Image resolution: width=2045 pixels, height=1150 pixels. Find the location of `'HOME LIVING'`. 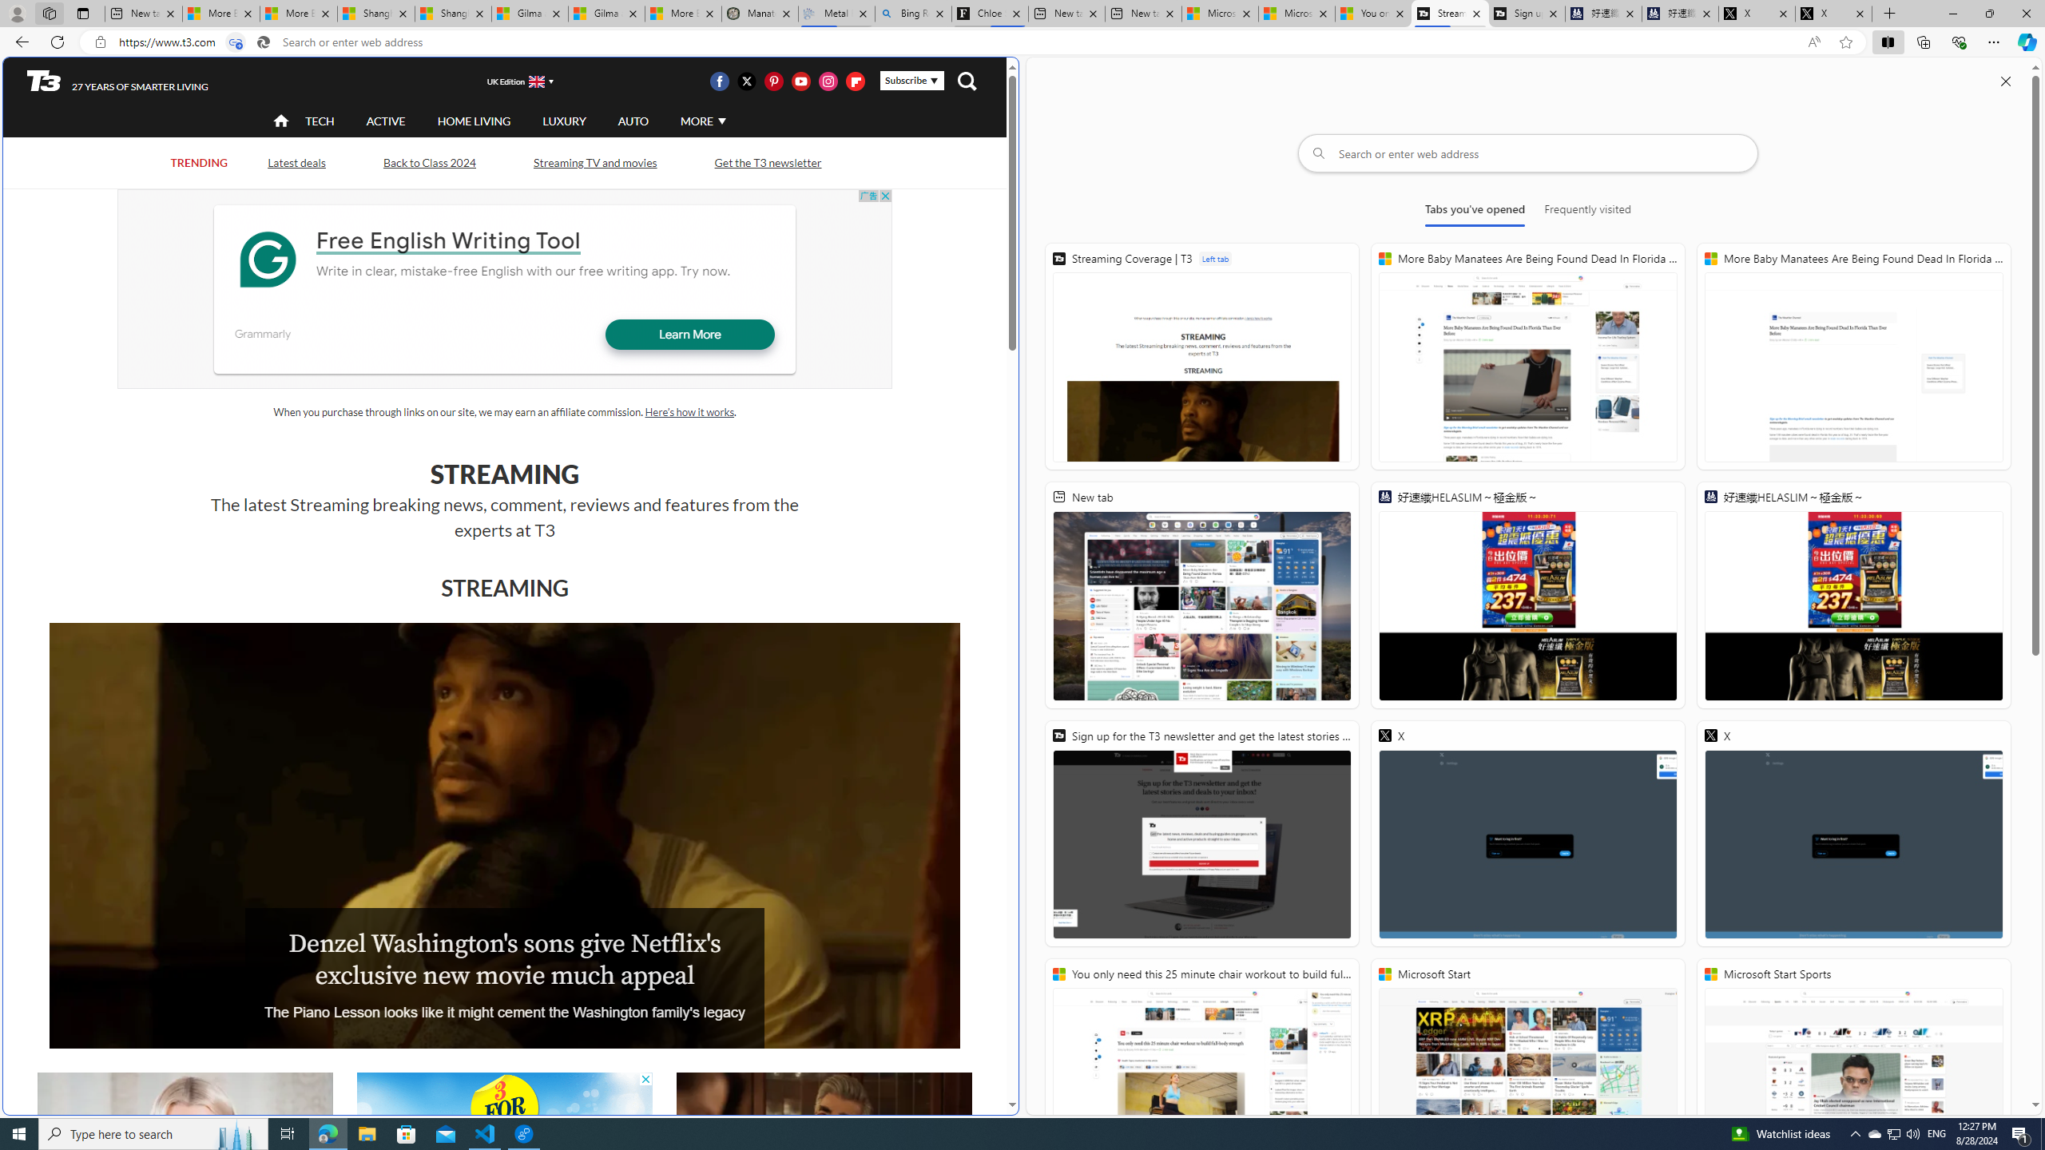

'HOME LIVING' is located at coordinates (473, 120).